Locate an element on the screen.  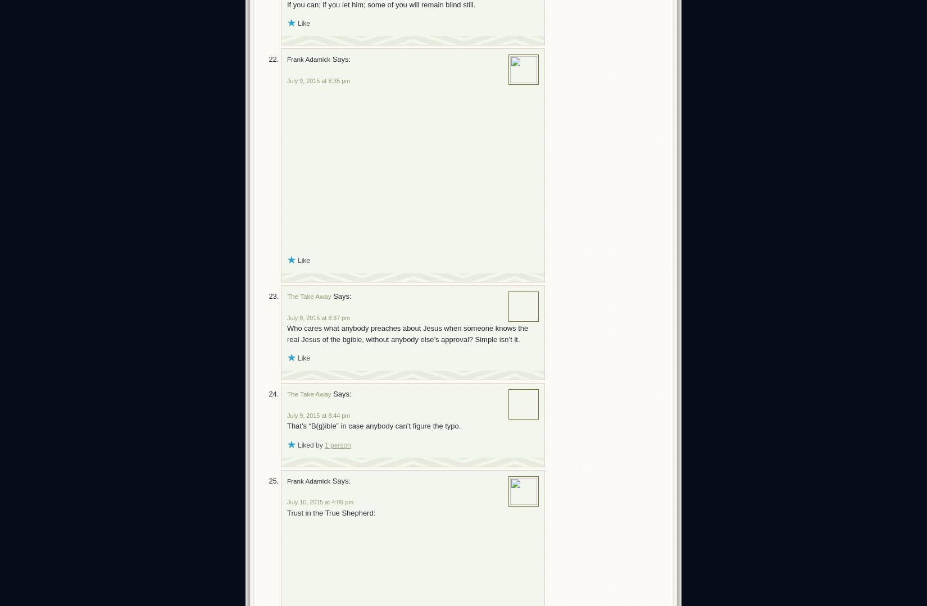
'July 9, 2015 at 8:37 pm' is located at coordinates (287, 316).